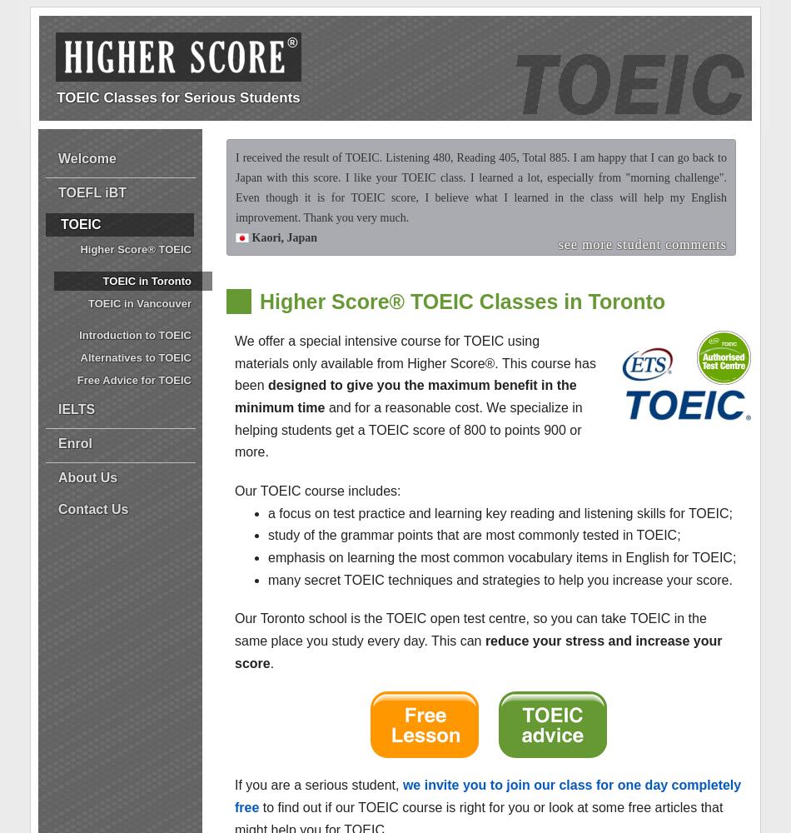 This screenshot has width=791, height=833. I want to click on 'Alternatives to TOEIC', so click(136, 357).